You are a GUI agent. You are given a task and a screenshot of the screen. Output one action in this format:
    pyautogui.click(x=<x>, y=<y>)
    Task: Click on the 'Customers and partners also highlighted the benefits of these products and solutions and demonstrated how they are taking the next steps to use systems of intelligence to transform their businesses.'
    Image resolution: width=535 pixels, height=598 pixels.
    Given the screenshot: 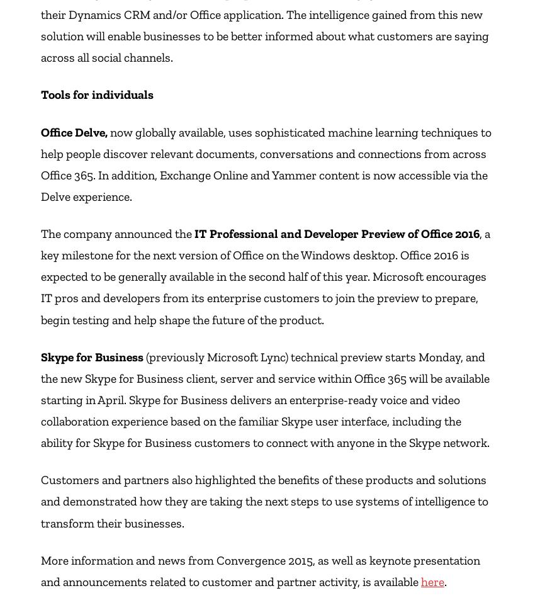 What is the action you would take?
    pyautogui.click(x=41, y=500)
    